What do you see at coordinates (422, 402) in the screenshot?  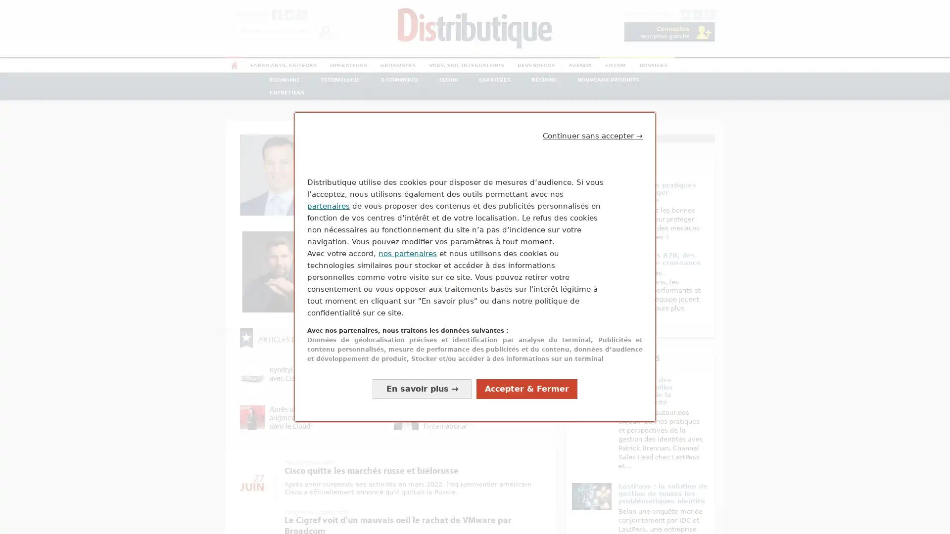 I see `Configurer vos consentements` at bounding box center [422, 402].